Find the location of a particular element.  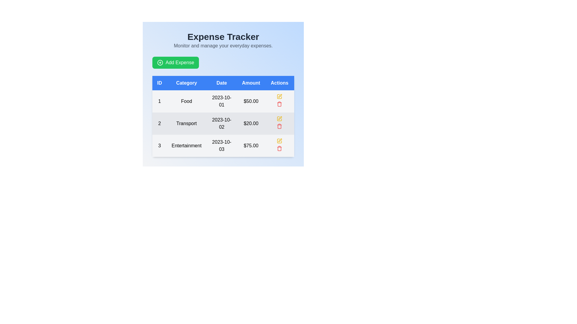

the green 'Add Expense' button with rounded corners, which features white text and a circular plus icon, located is located at coordinates (175, 62).